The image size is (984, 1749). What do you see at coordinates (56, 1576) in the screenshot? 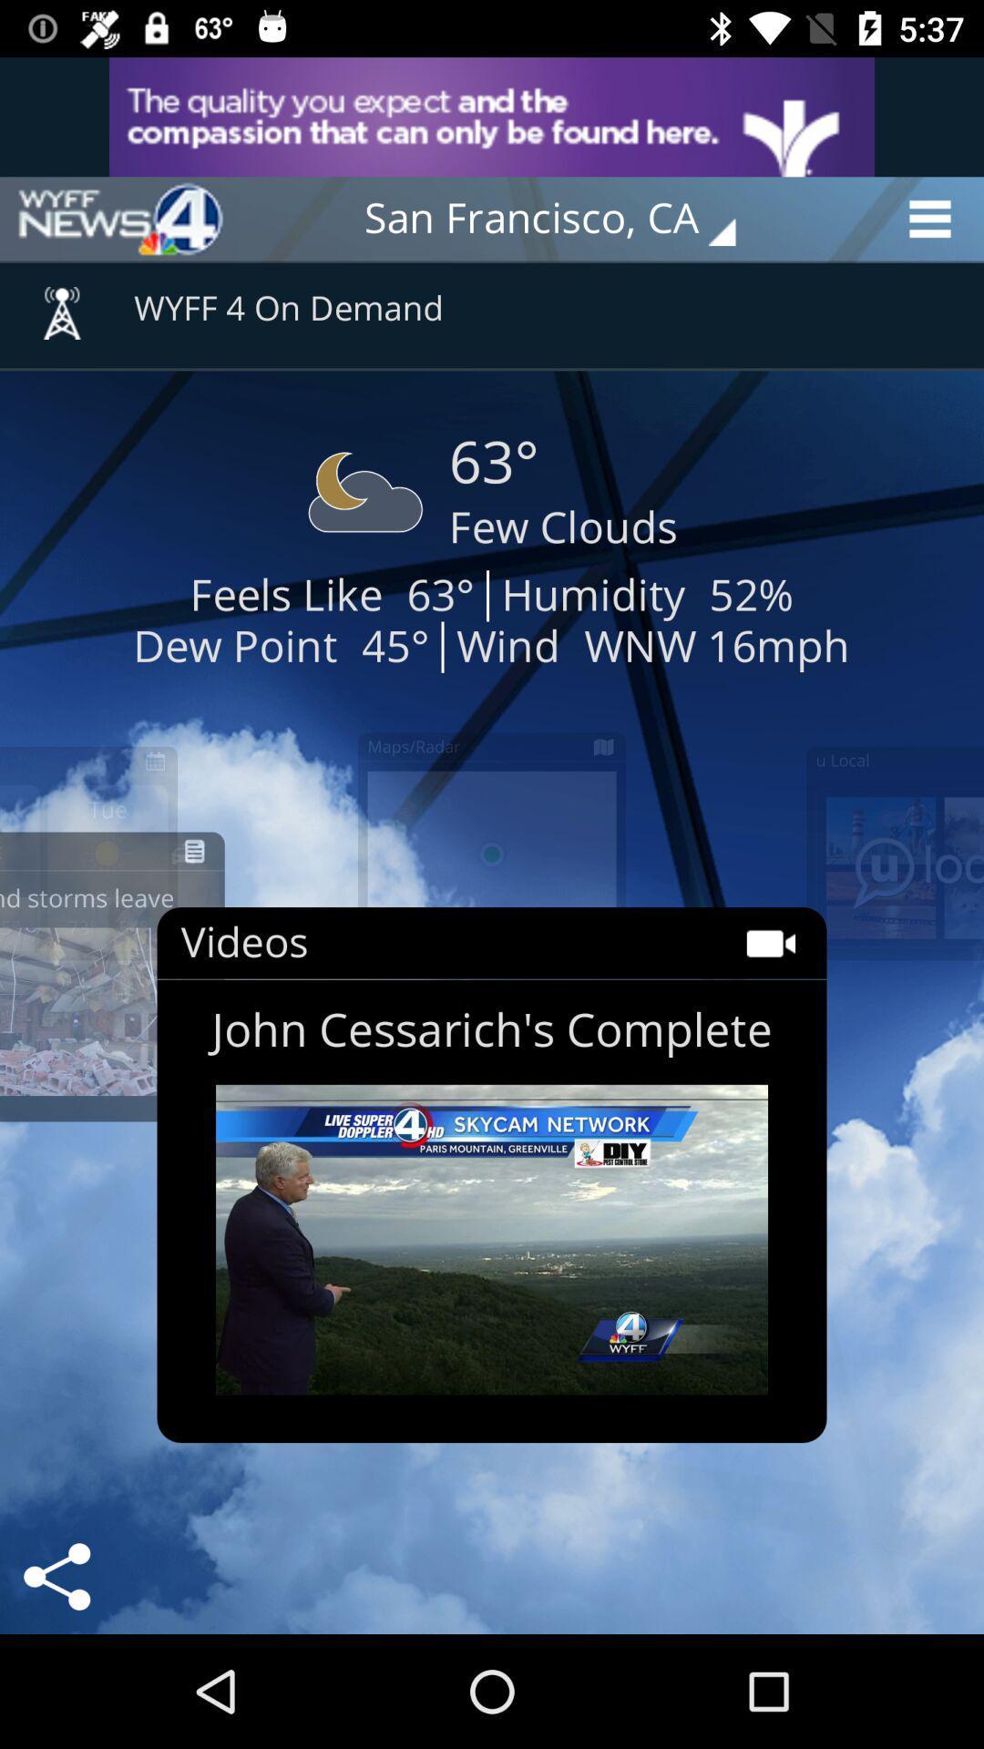
I see `the share icon` at bounding box center [56, 1576].